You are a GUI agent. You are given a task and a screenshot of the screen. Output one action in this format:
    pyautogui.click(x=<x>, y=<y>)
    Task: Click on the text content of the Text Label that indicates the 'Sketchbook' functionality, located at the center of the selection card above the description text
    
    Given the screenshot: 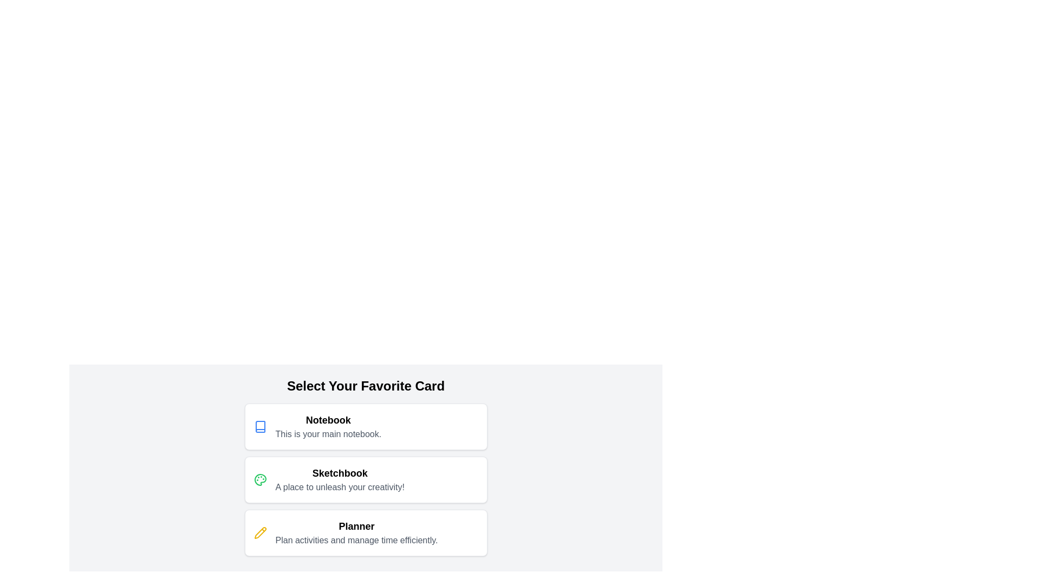 What is the action you would take?
    pyautogui.click(x=339, y=473)
    